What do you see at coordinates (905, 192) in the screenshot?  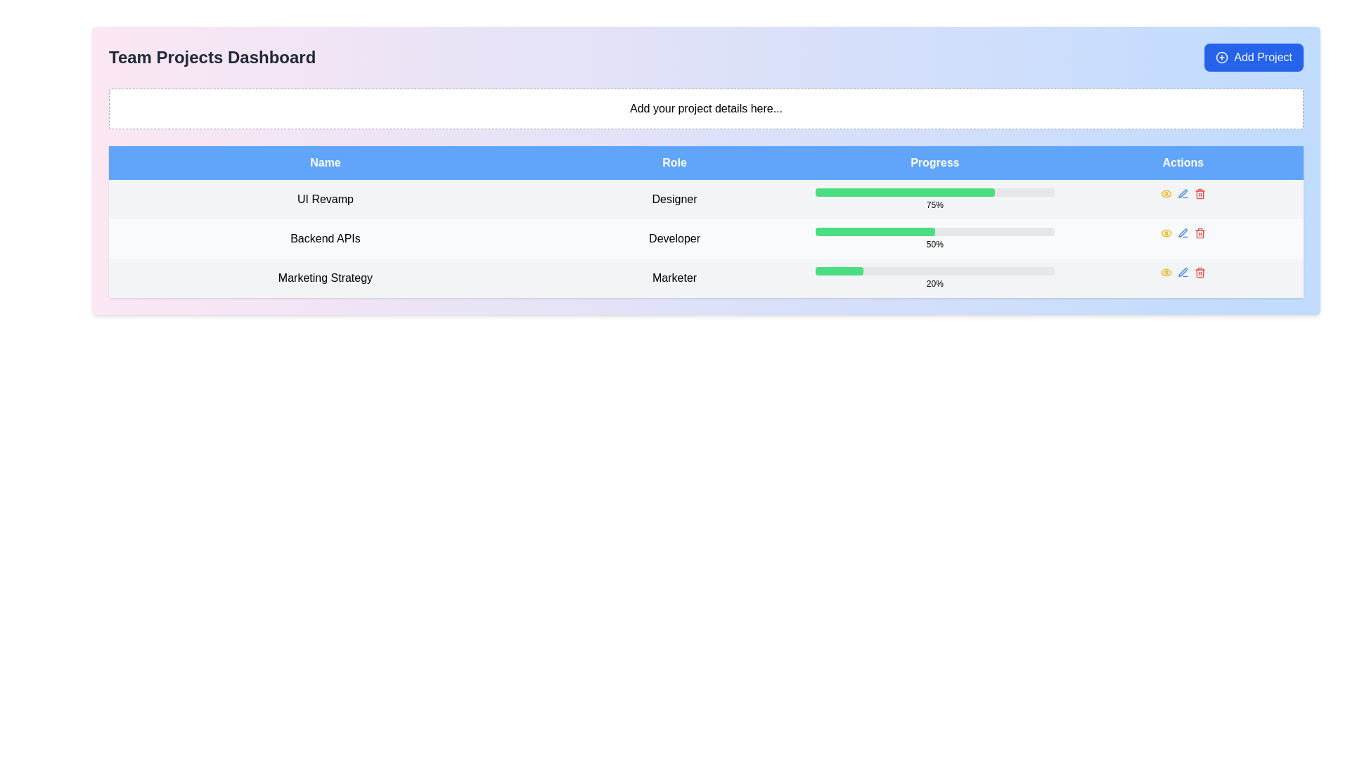 I see `the progress bar indicating 75% completion for the Designer role in the Progress column` at bounding box center [905, 192].